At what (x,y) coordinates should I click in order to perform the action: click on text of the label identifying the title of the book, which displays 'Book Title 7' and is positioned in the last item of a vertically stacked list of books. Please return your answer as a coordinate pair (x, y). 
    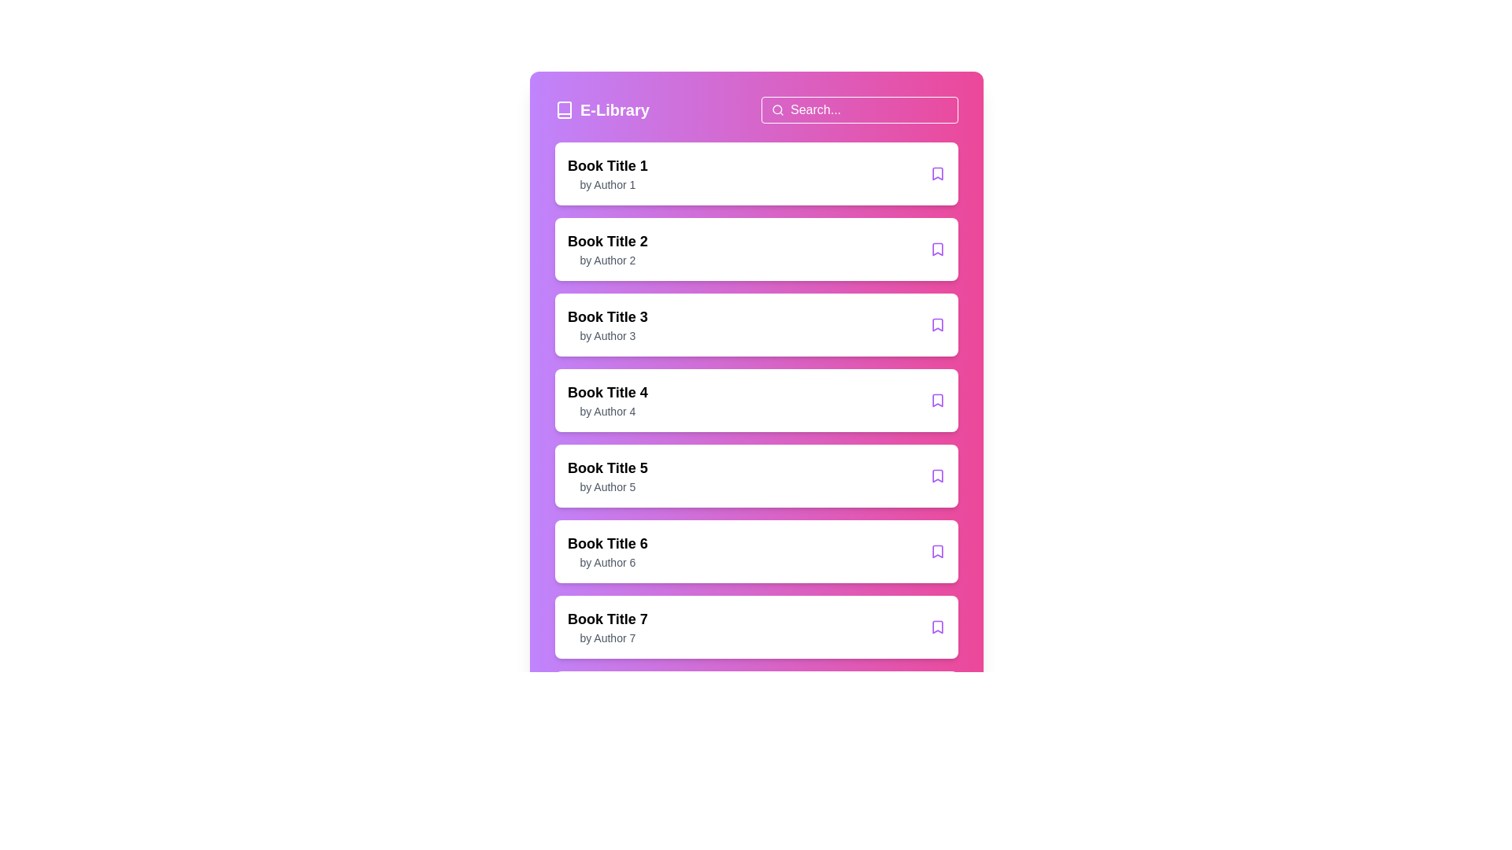
    Looking at the image, I should click on (606, 618).